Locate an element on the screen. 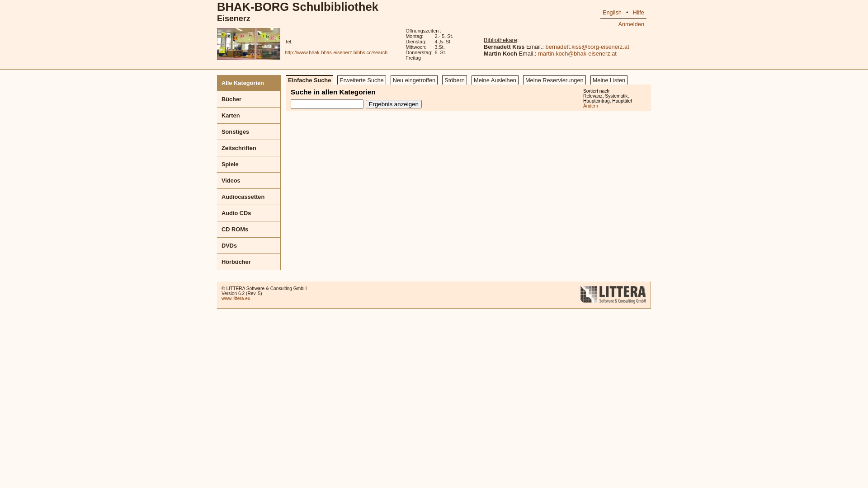  'Anmelden' is located at coordinates (631, 23).